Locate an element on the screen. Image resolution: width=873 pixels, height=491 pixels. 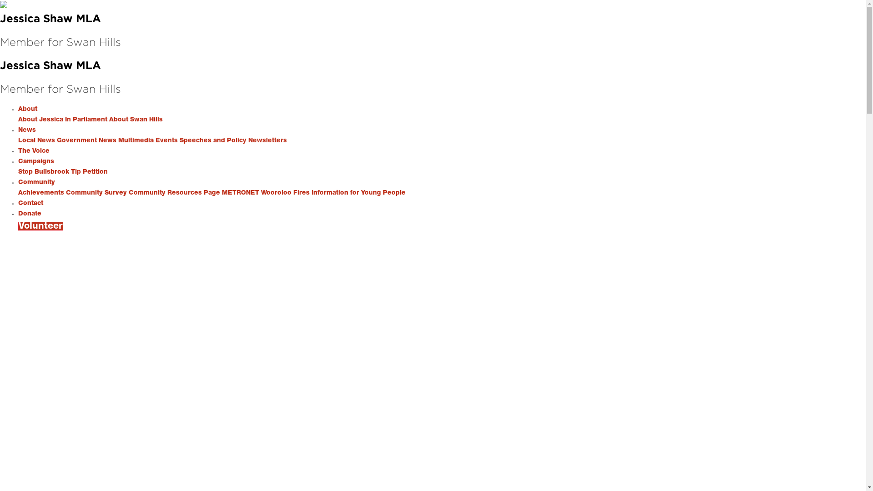
'Contact' is located at coordinates (18, 203).